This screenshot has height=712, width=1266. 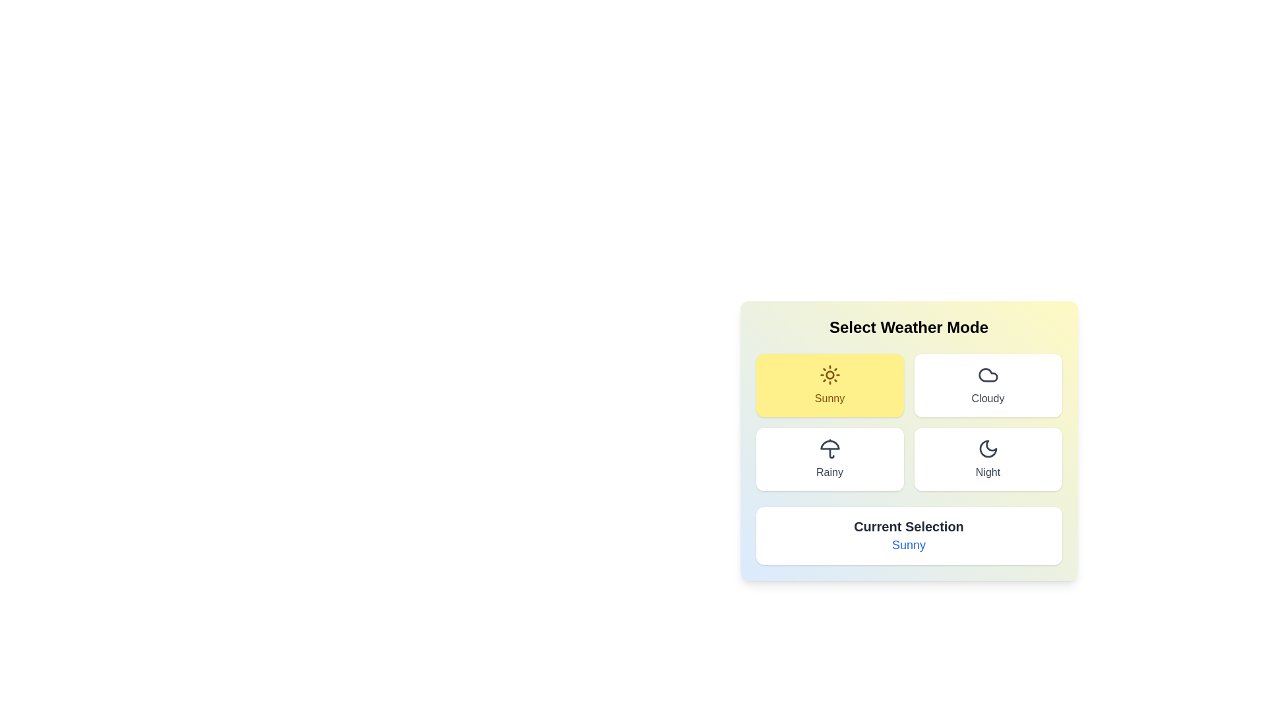 What do you see at coordinates (829, 386) in the screenshot?
I see `the Sunny button to select it` at bounding box center [829, 386].